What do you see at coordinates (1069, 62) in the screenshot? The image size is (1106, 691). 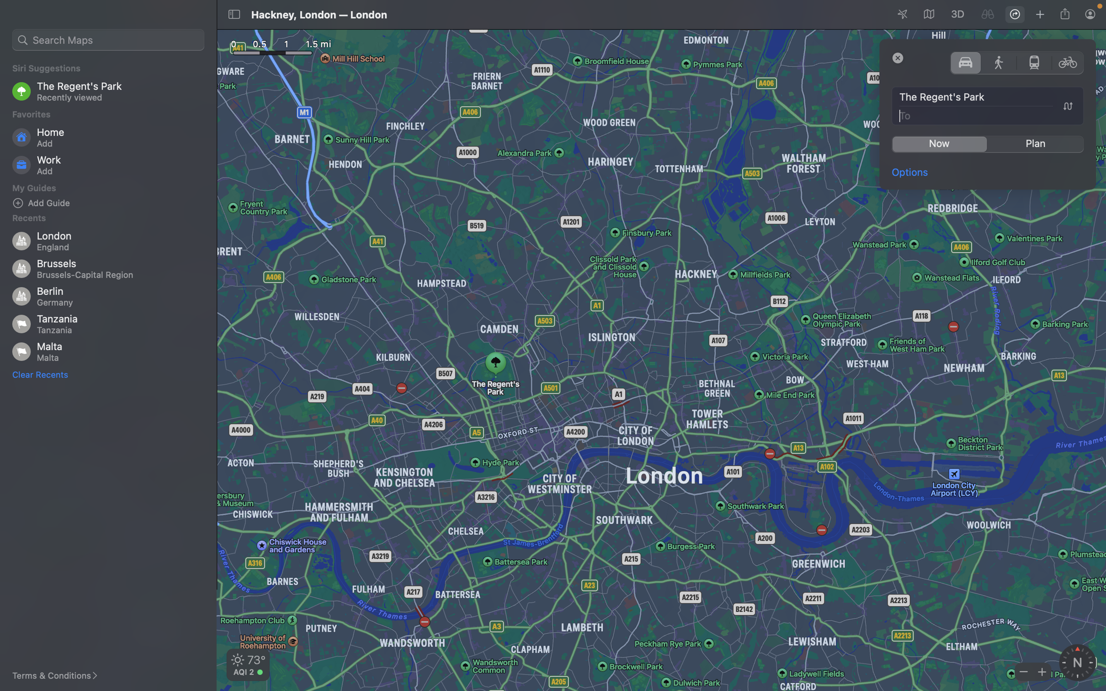 I see `transportation mode to biking` at bounding box center [1069, 62].